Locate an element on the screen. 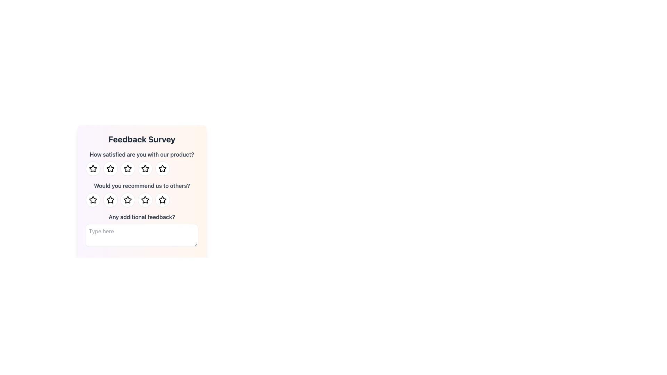 This screenshot has height=375, width=667. the first circular star button with a white background and black outlined star icon is located at coordinates (93, 200).